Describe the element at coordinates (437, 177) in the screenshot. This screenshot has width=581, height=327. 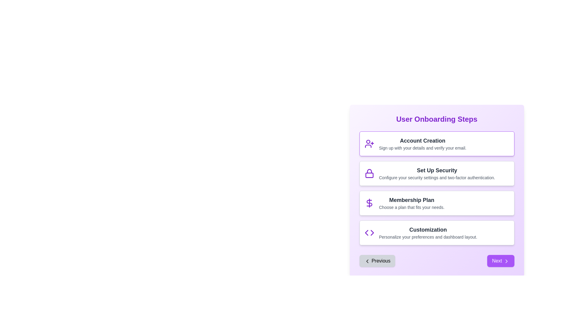
I see `the Text Label that provides a summary about setting up security features, located below 'Set Up Security' in the onboarding process` at that location.